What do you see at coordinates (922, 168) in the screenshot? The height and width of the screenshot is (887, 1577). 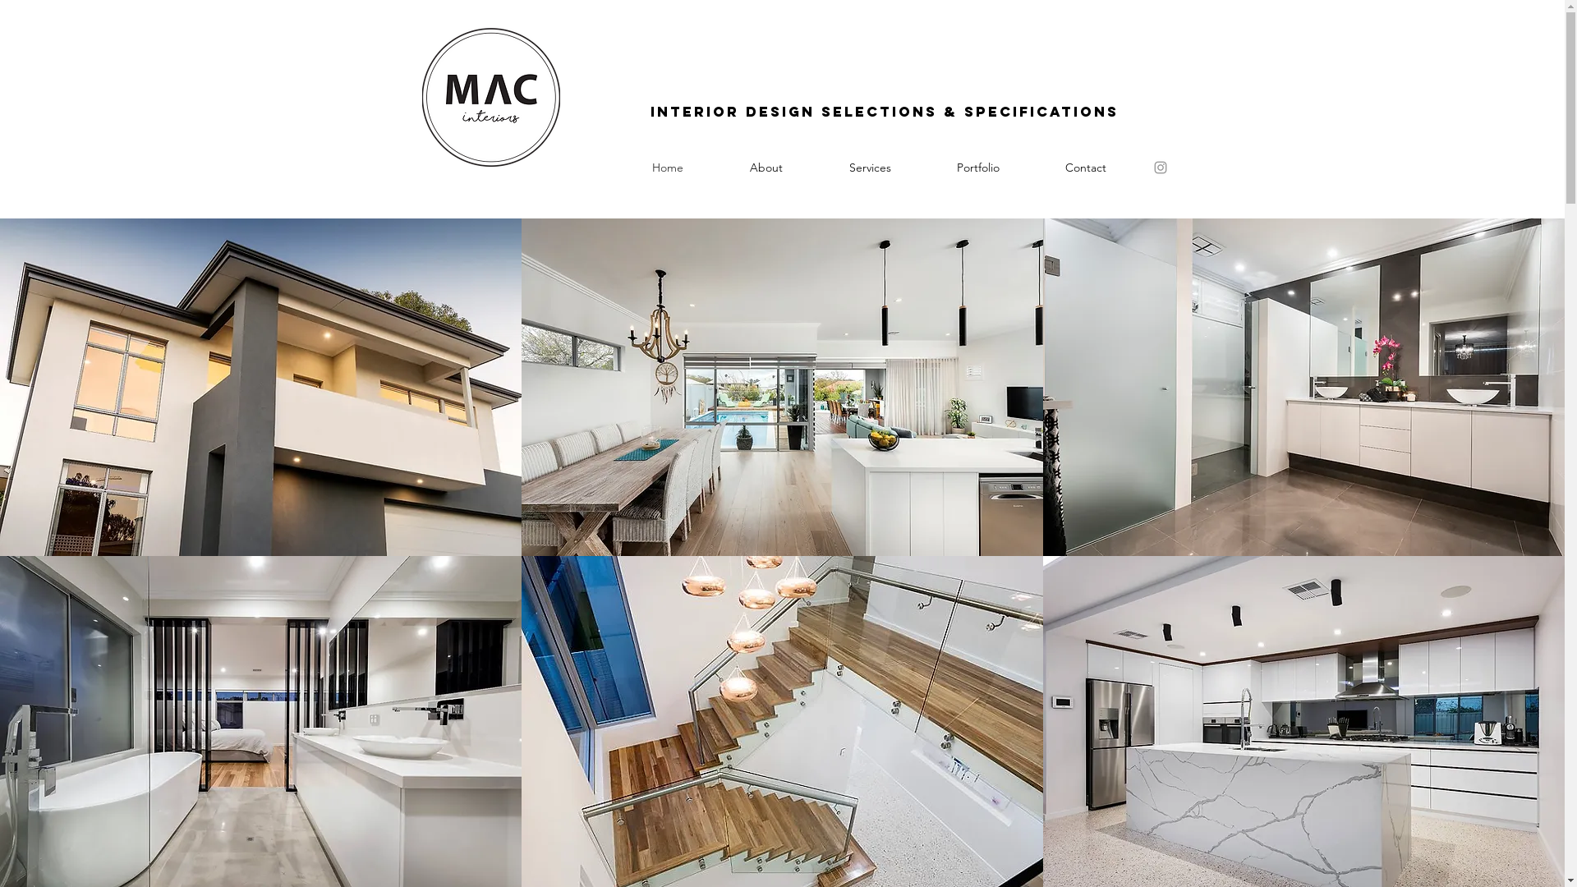 I see `'Portfolio'` at bounding box center [922, 168].